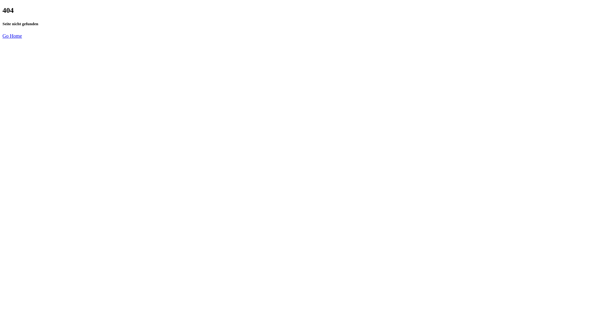 Image resolution: width=598 pixels, height=336 pixels. Describe the element at coordinates (2, 36) in the screenshot. I see `'Go Home'` at that location.